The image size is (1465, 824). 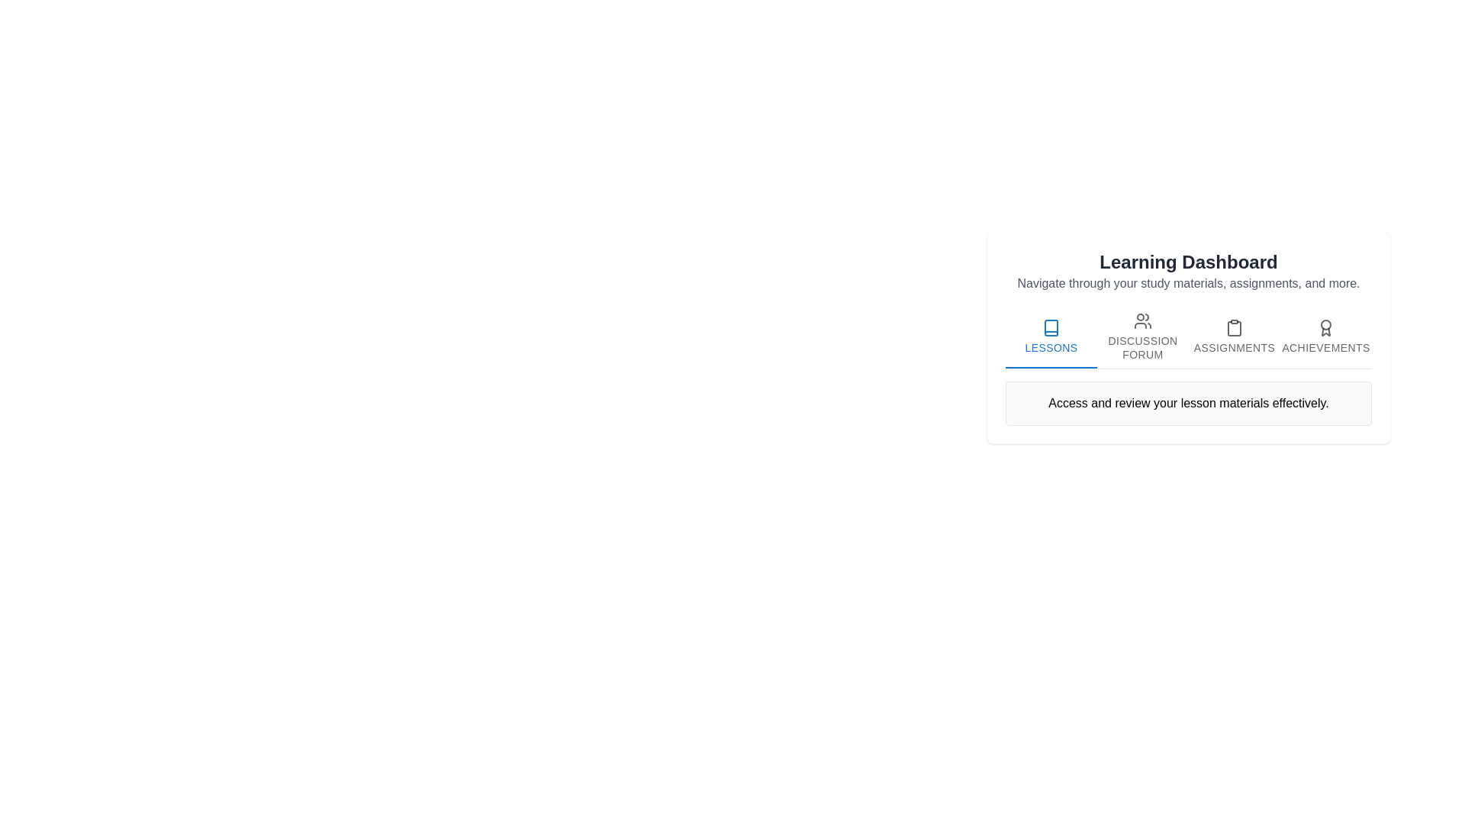 I want to click on the informational text block located centrally below the navigation tabs on the Learning Dashboard, so click(x=1188, y=402).